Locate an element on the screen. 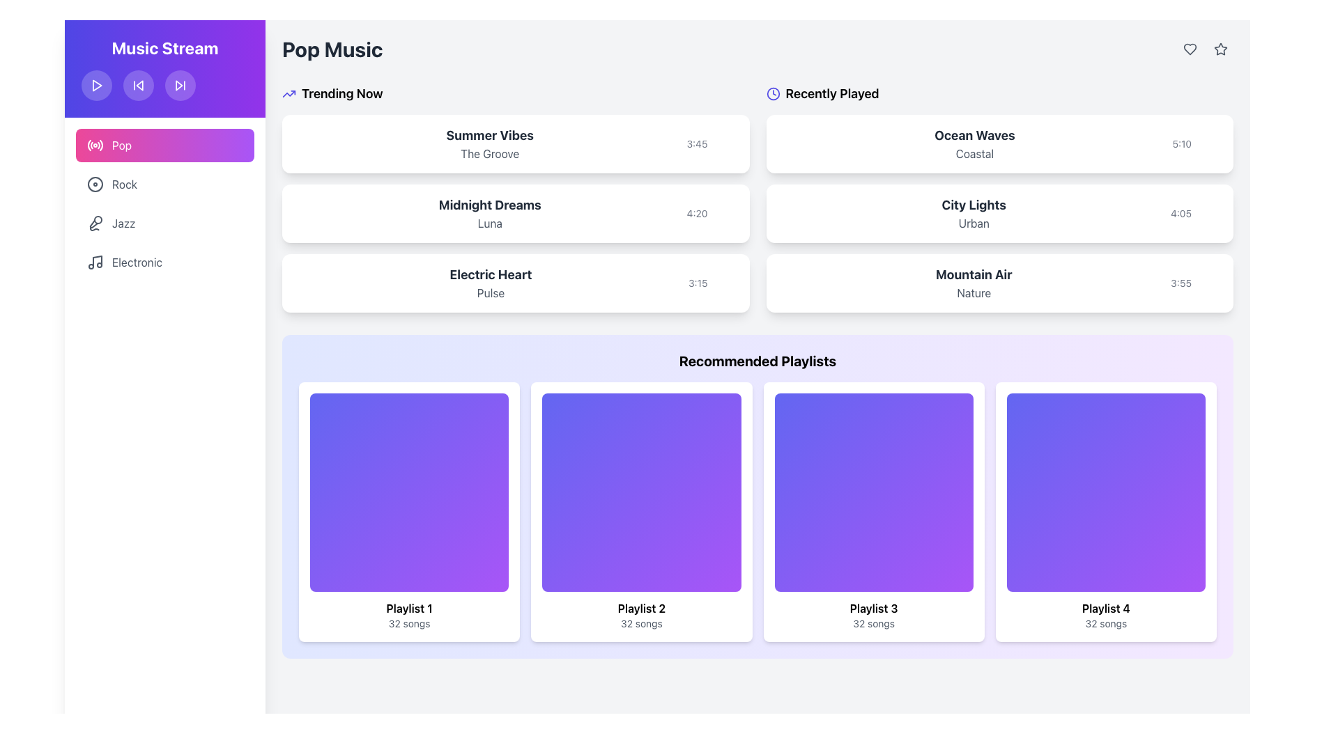 This screenshot has height=752, width=1338. the second icon in the horizontal icon group located at the top-left section of the sidebar is located at coordinates (178, 86).